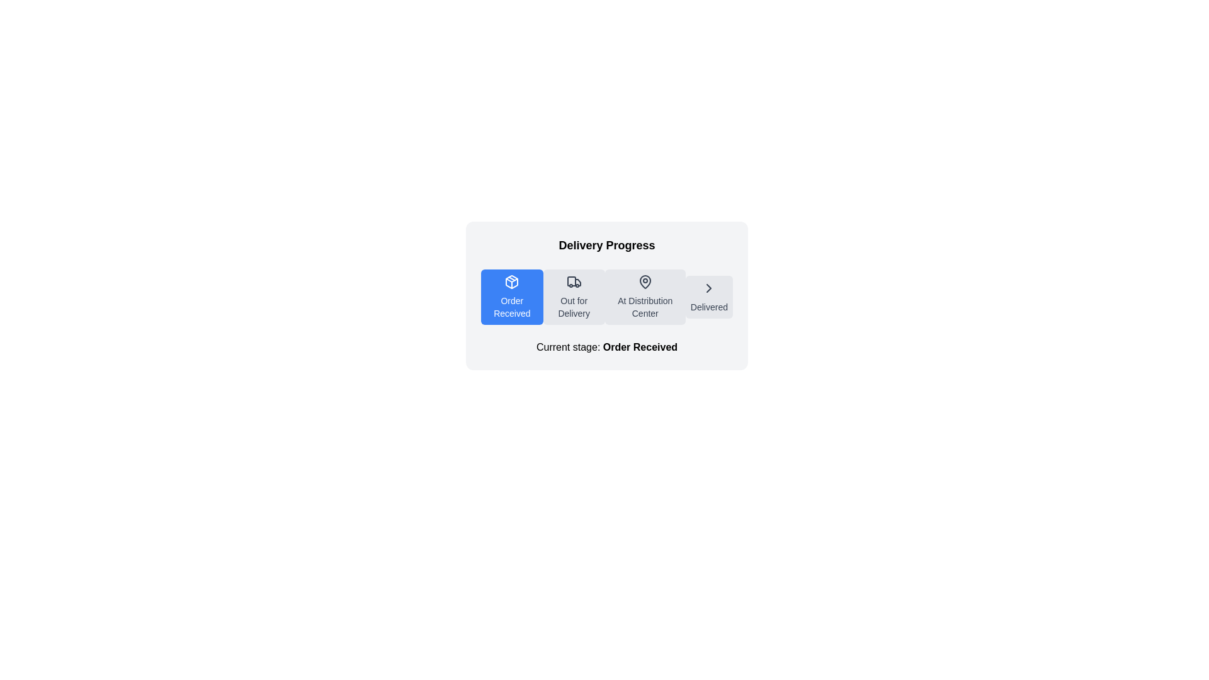  Describe the element at coordinates (709, 288) in the screenshot. I see `the SVG arrow icon indicating progression in the delivery stages, located on the far right side of the 'Delivered' stage, using keyboard input` at that location.